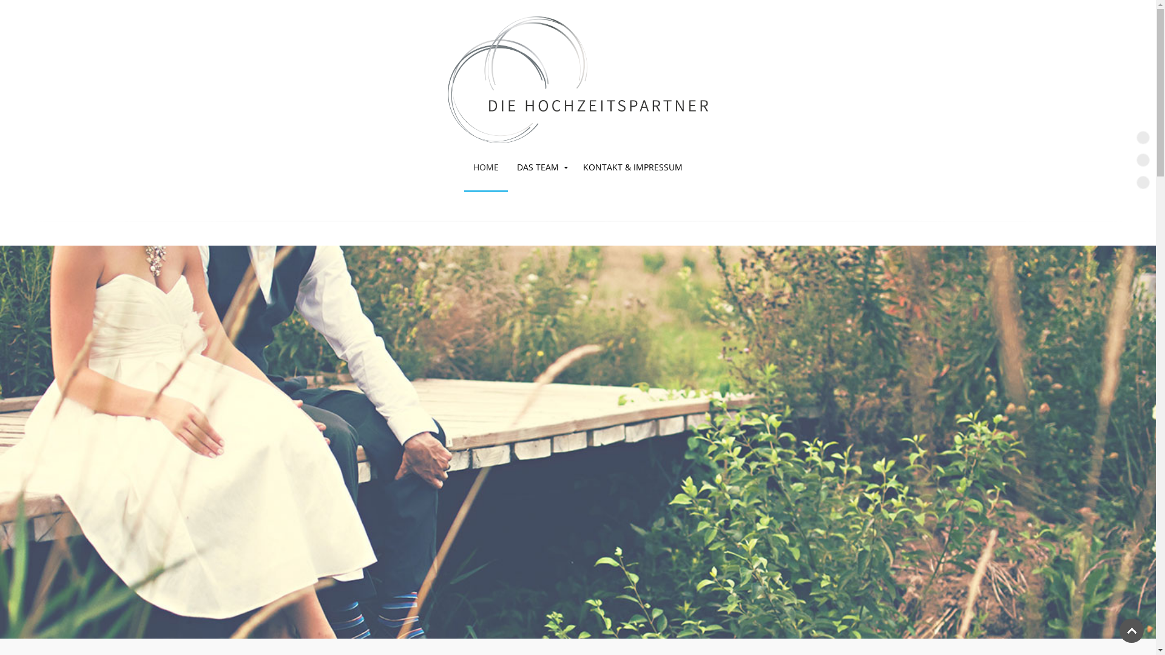  What do you see at coordinates (507, 167) in the screenshot?
I see `'DAS TEAM'` at bounding box center [507, 167].